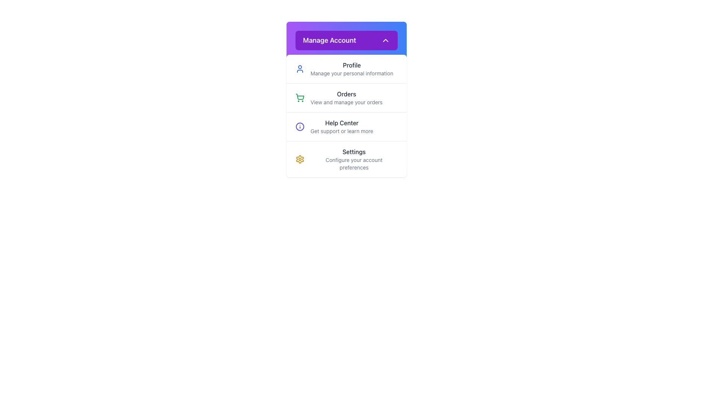  Describe the element at coordinates (346, 102) in the screenshot. I see `description of the text label that reads 'View and manage your orders.' located below the 'Orders' heading in the menu` at that location.